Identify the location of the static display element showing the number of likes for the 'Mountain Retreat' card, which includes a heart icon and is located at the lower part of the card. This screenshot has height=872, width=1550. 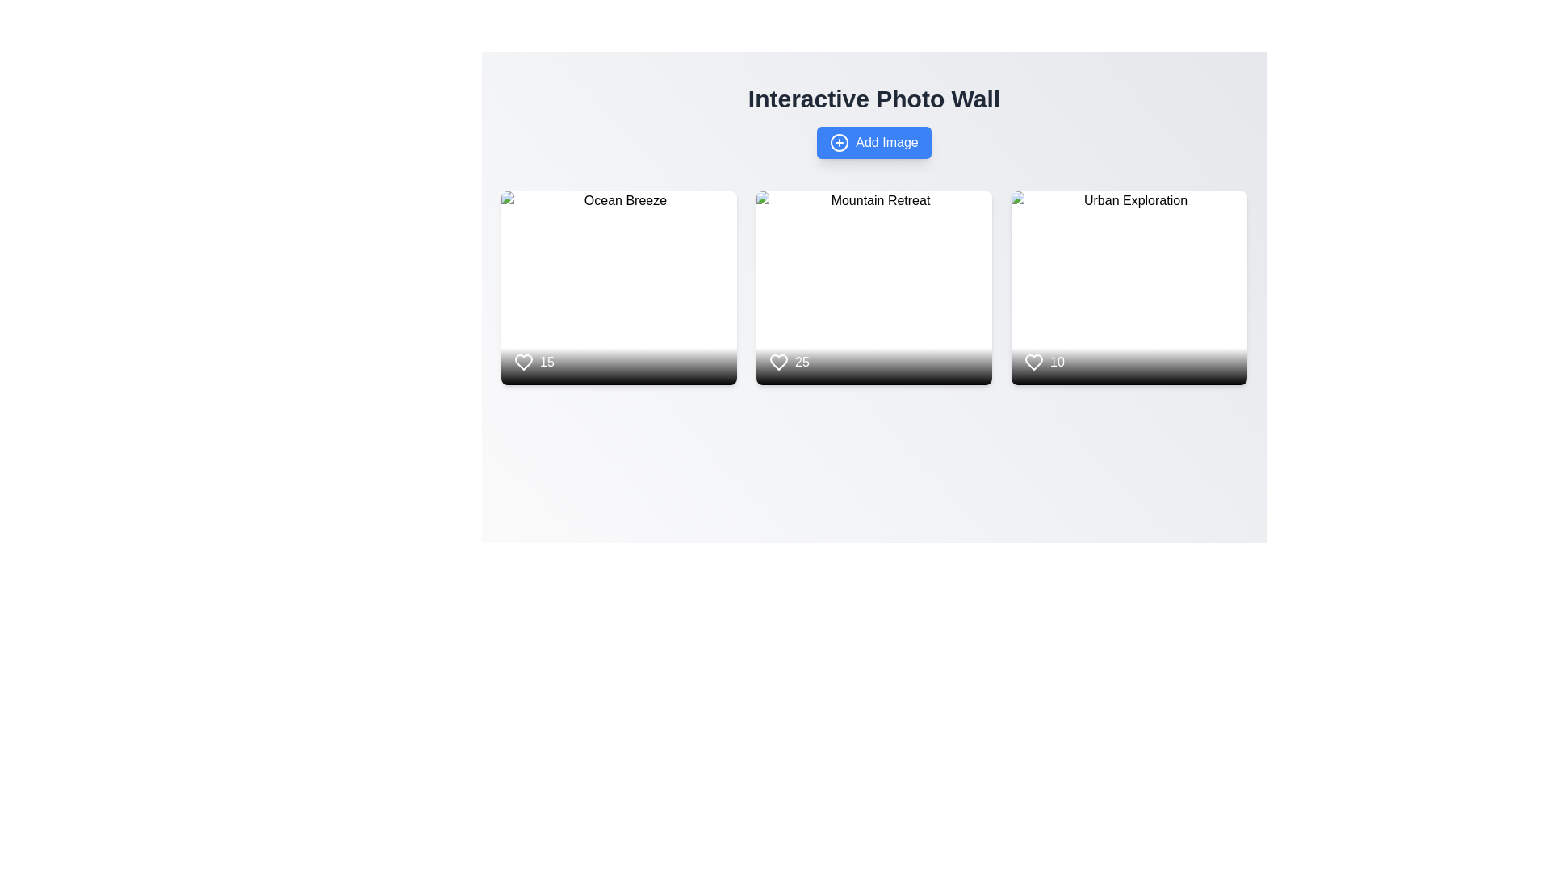
(873, 347).